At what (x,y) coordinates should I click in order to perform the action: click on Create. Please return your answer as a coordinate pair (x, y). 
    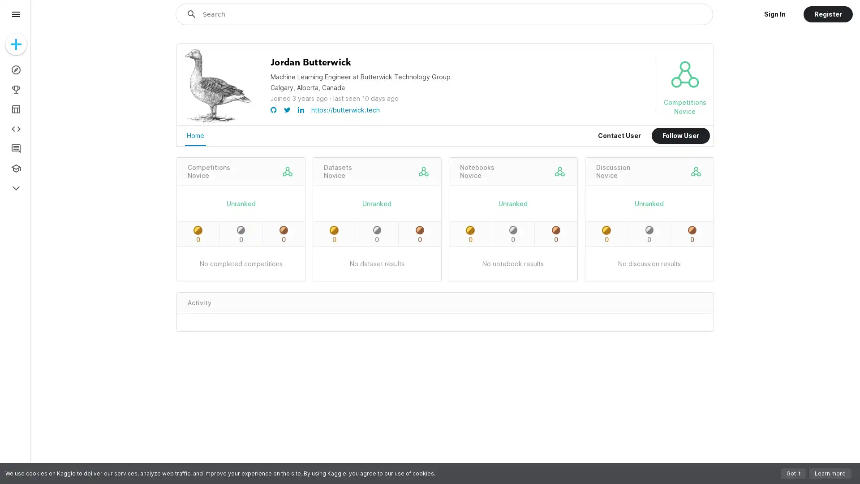
    Looking at the image, I should click on (16, 44).